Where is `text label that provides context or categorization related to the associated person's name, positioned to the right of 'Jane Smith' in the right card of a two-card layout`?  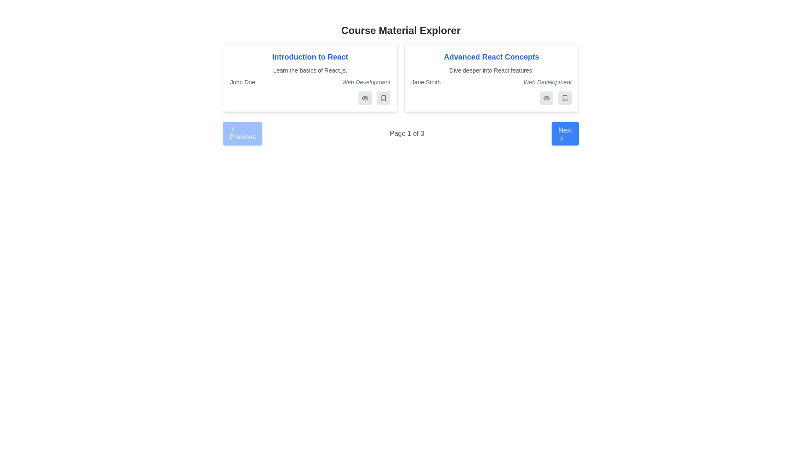
text label that provides context or categorization related to the associated person's name, positioned to the right of 'Jane Smith' in the right card of a two-card layout is located at coordinates (547, 82).